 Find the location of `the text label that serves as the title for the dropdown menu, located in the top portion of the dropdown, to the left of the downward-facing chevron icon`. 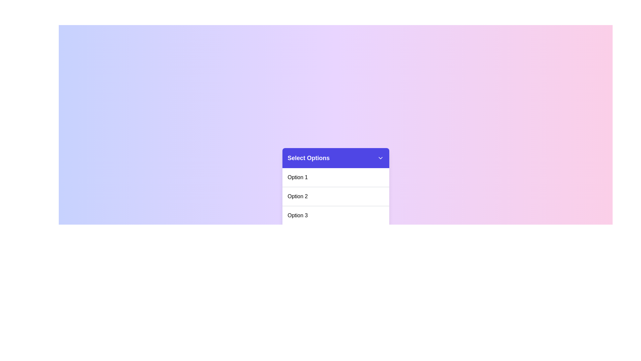

the text label that serves as the title for the dropdown menu, located in the top portion of the dropdown, to the left of the downward-facing chevron icon is located at coordinates (308, 158).